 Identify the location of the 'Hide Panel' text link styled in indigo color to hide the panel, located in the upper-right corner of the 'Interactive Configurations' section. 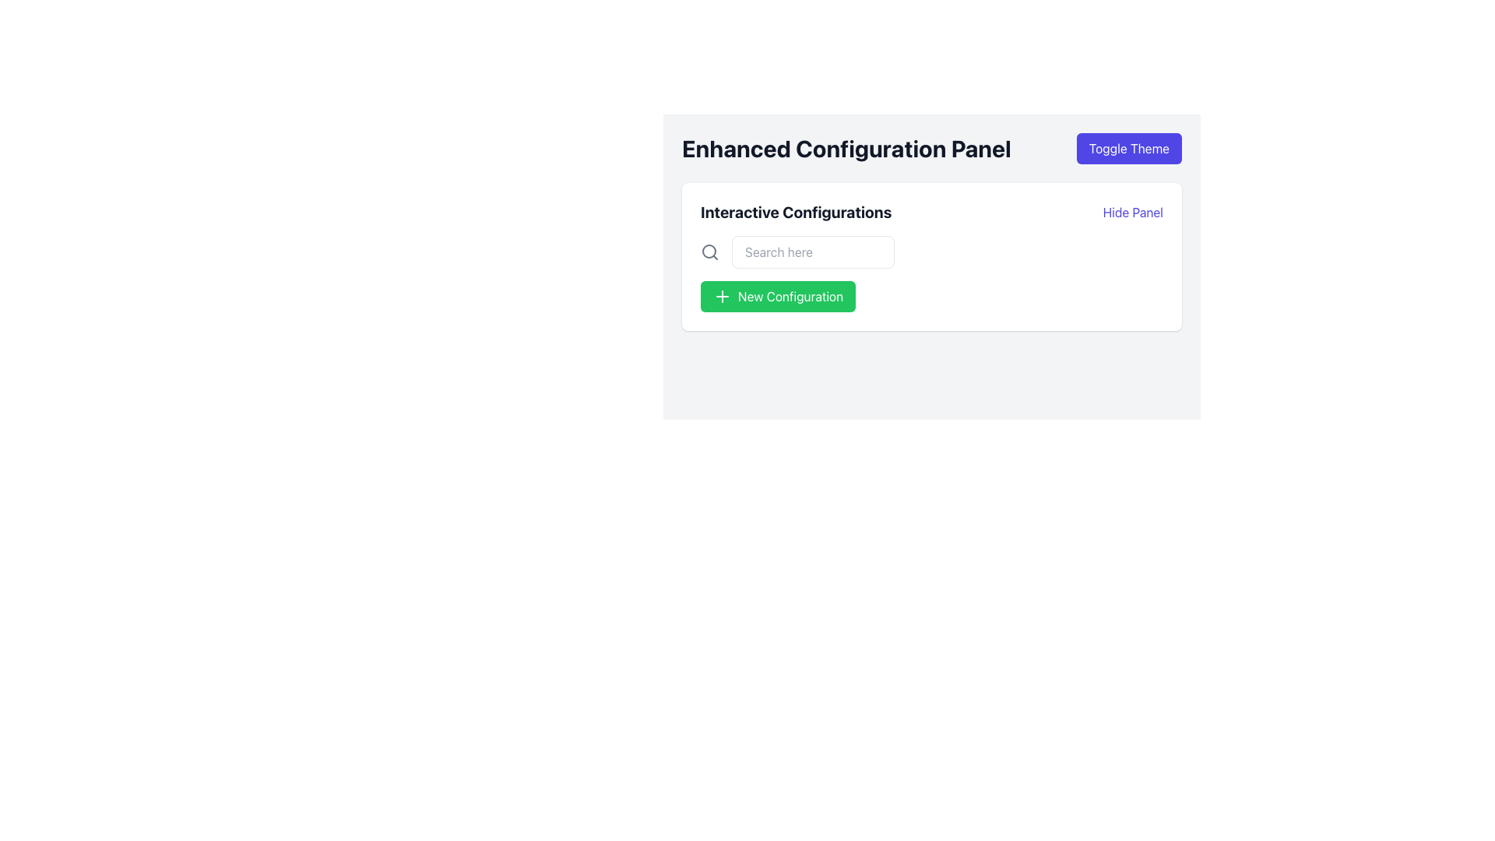
(1133, 213).